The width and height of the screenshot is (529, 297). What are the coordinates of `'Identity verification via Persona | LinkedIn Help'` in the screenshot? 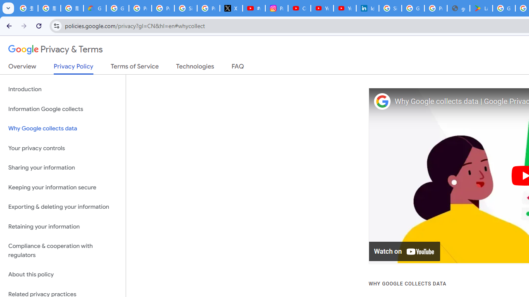 It's located at (367, 8).